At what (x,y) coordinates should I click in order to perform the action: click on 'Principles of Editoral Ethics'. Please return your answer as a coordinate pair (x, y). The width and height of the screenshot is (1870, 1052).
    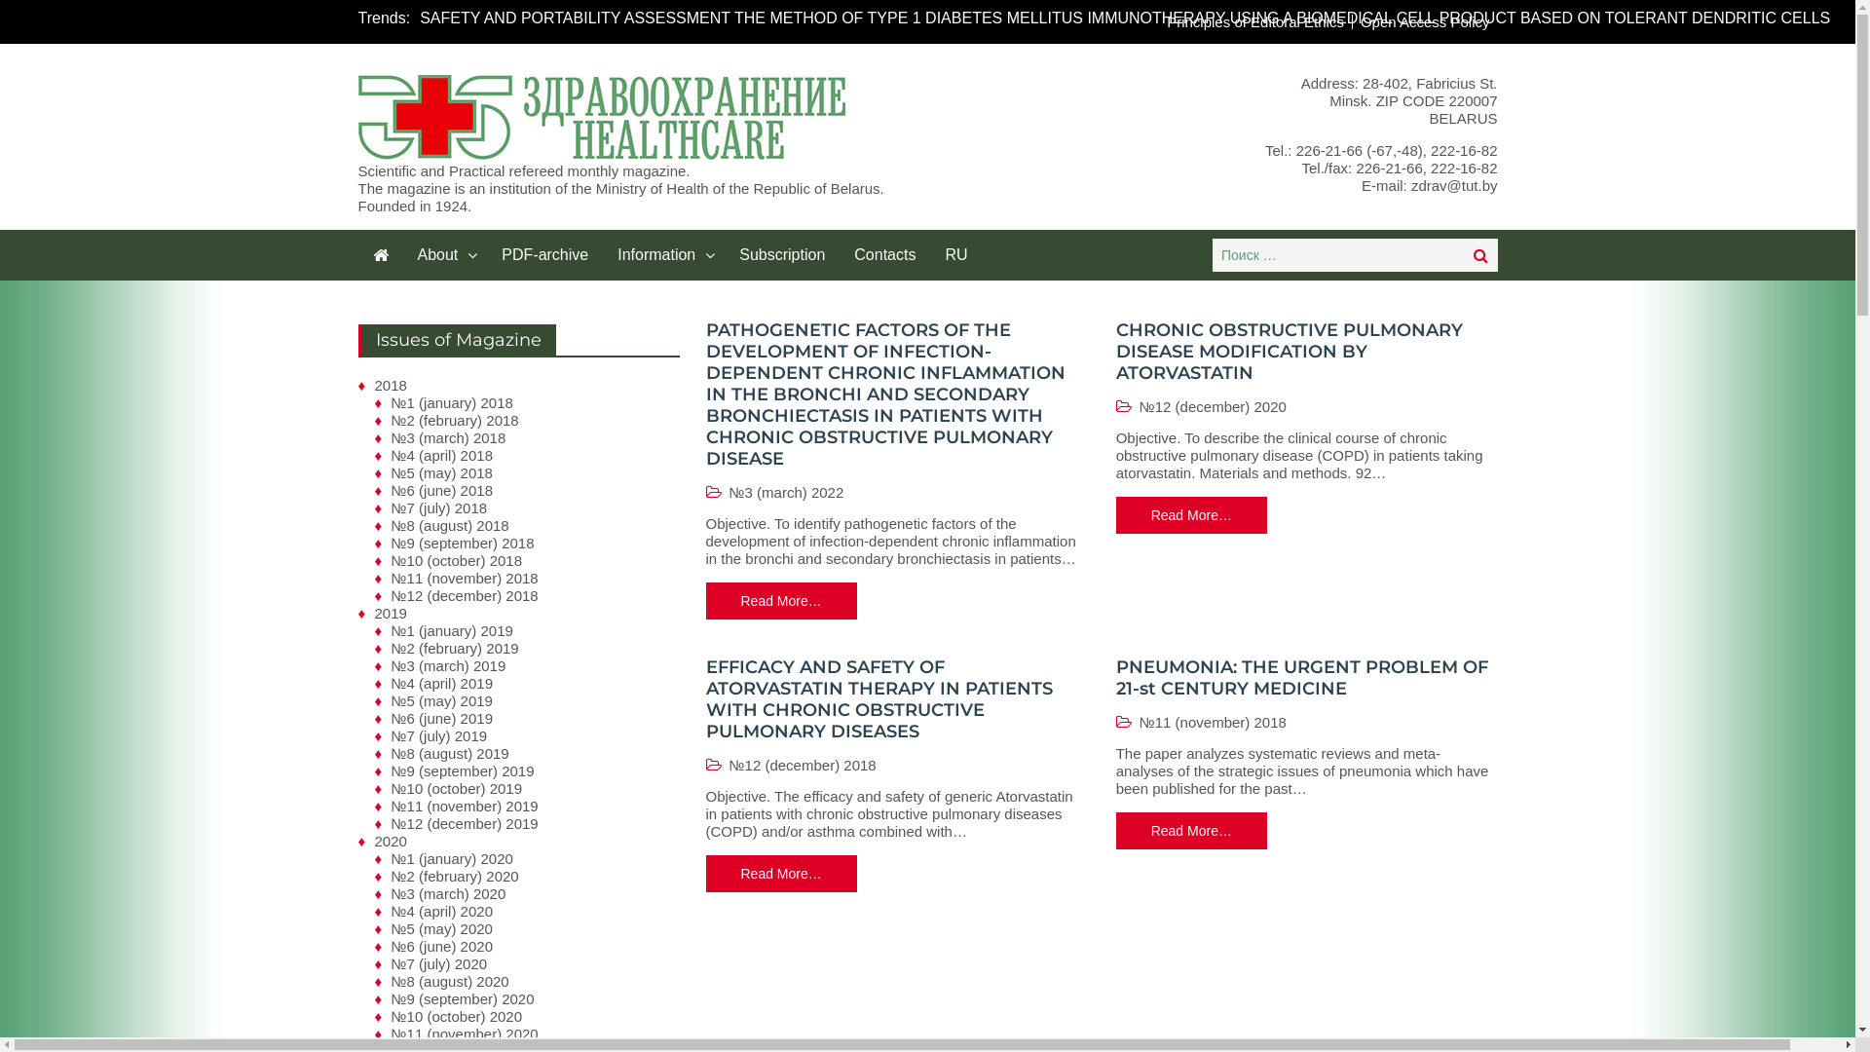
    Looking at the image, I should click on (1255, 21).